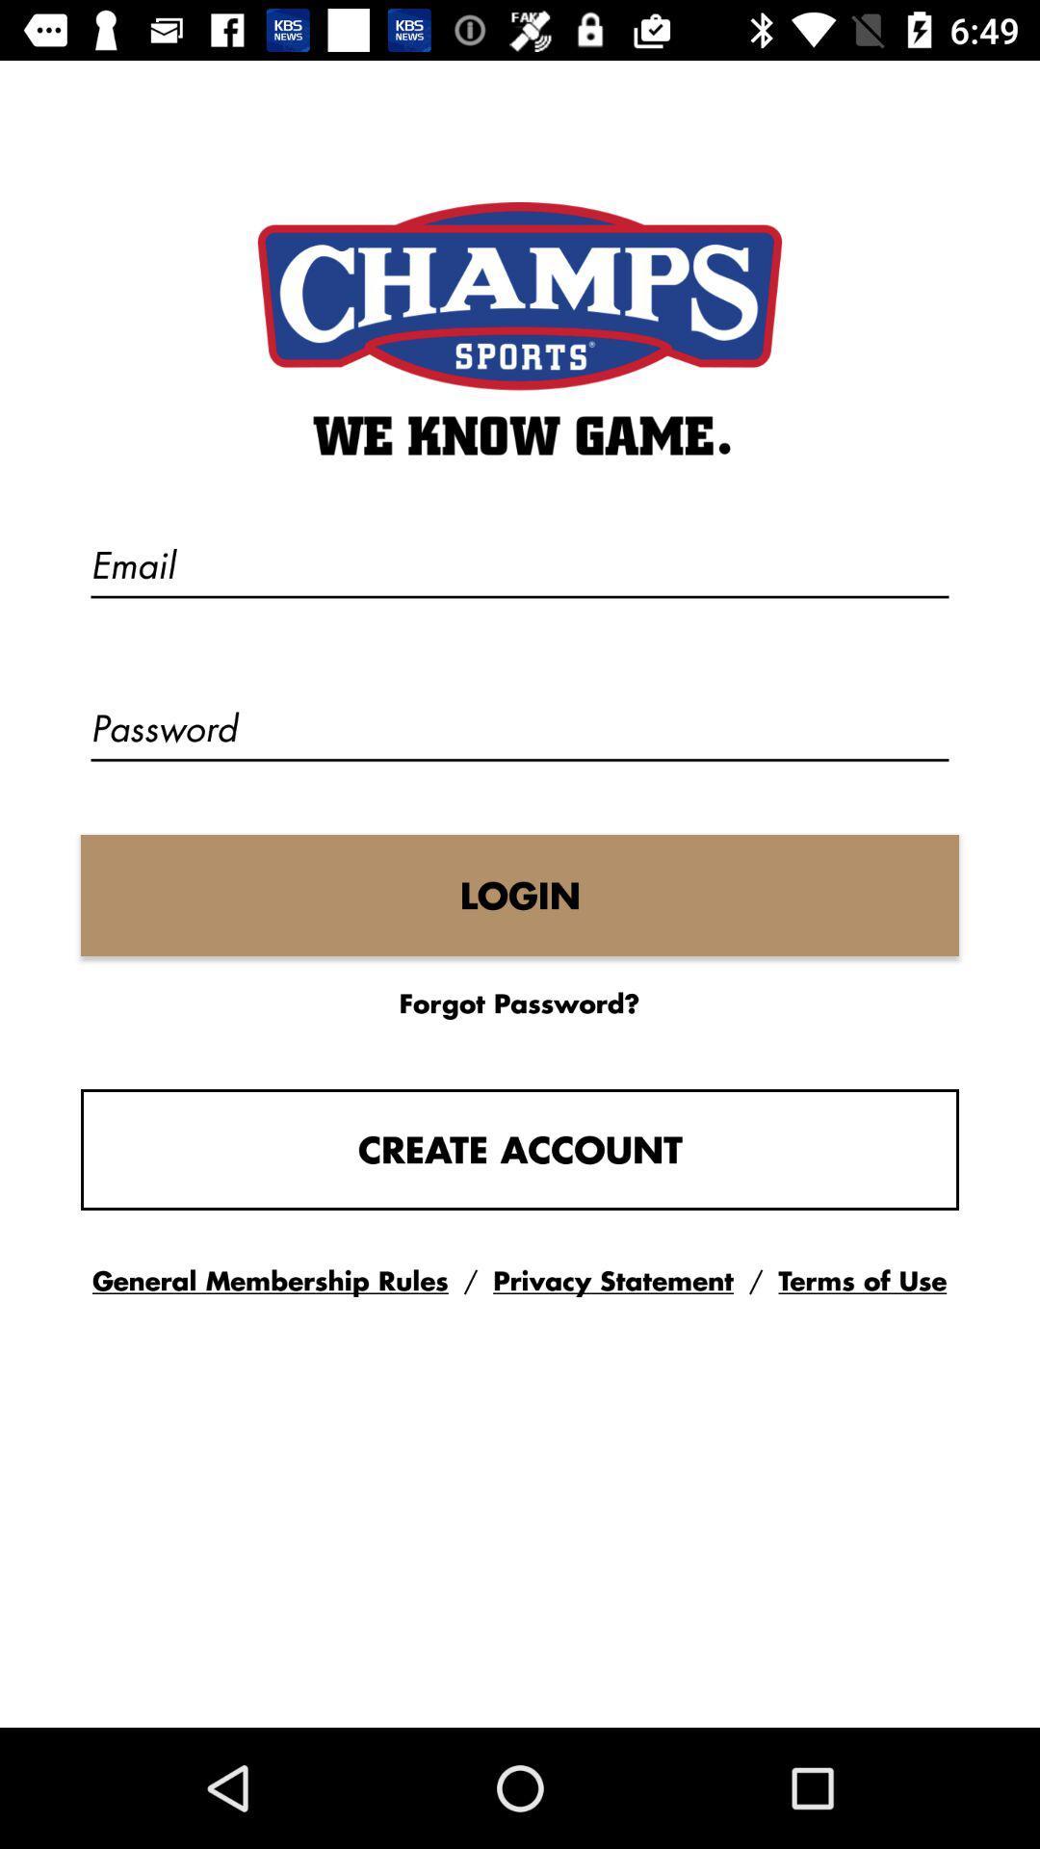 The height and width of the screenshot is (1849, 1040). What do you see at coordinates (518, 1002) in the screenshot?
I see `forgot password` at bounding box center [518, 1002].